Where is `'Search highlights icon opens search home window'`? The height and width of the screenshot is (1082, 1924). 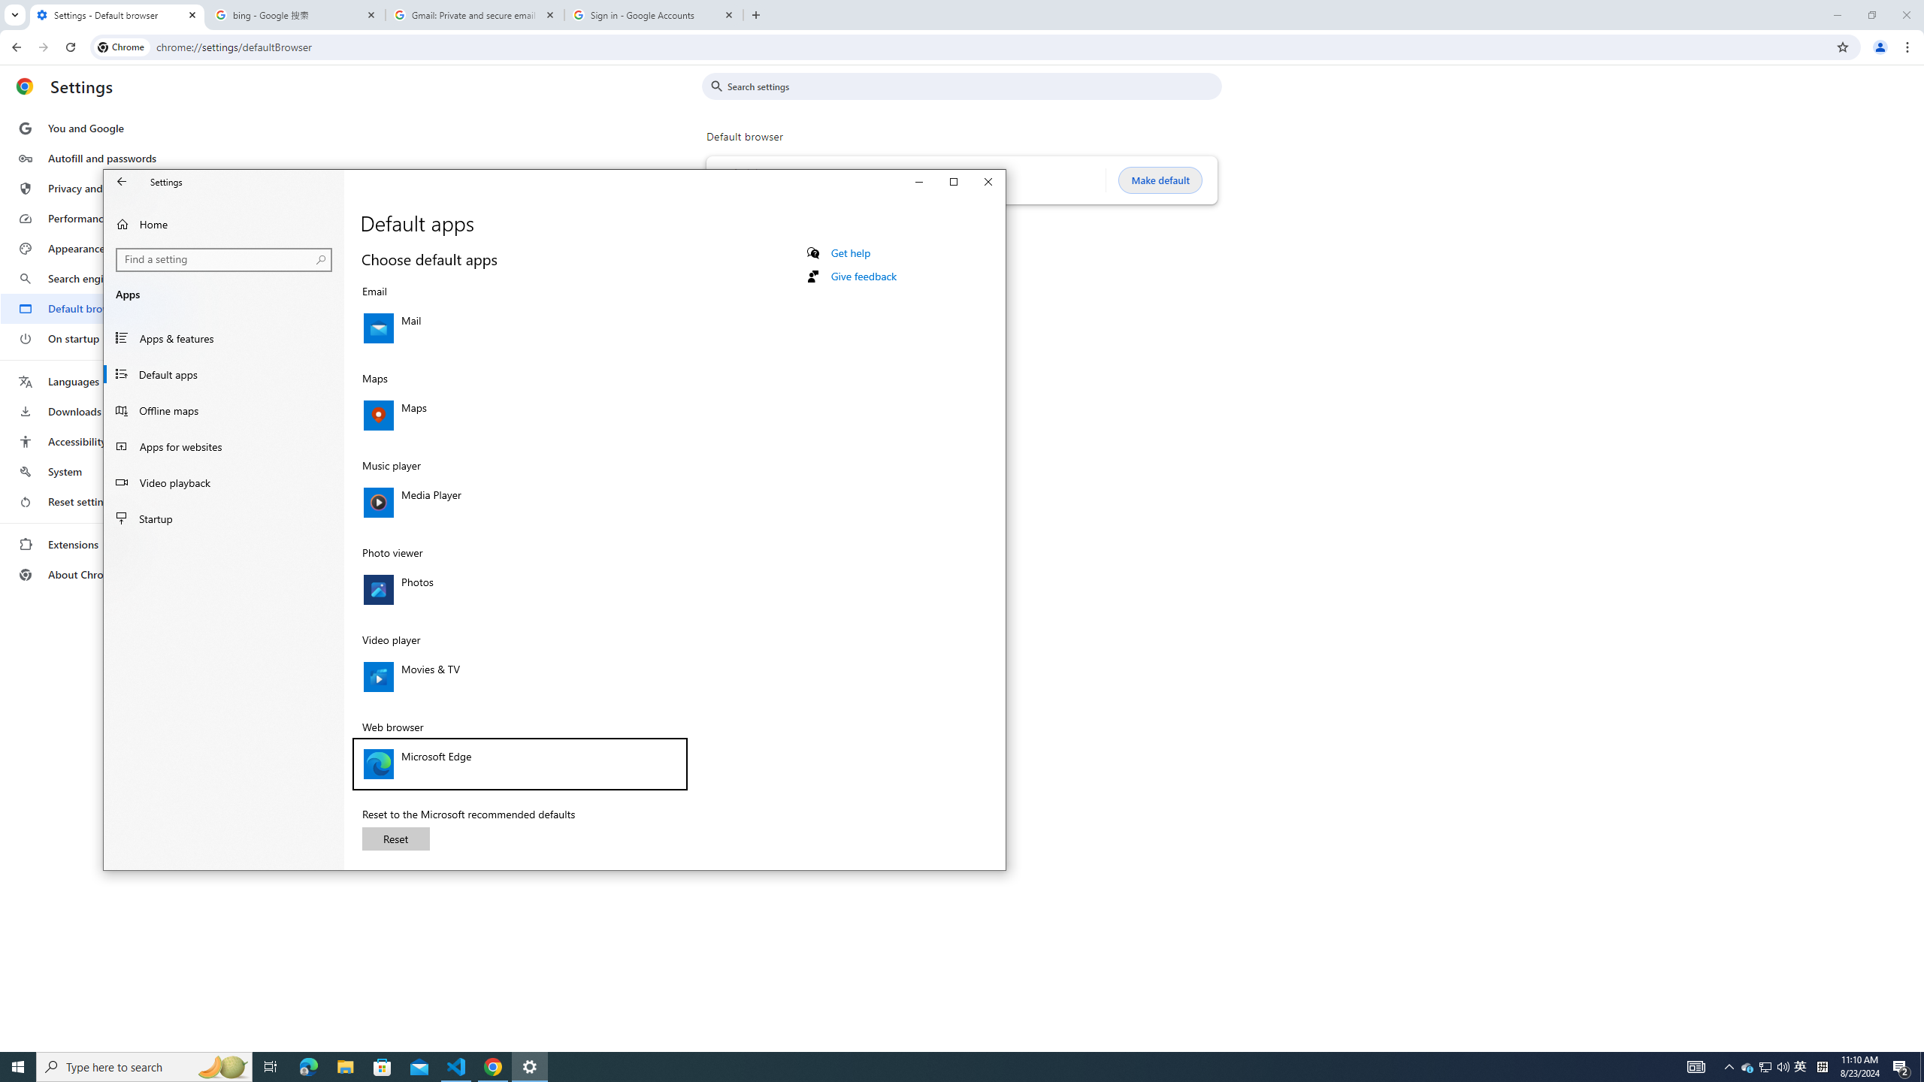
'Search highlights icon opens search home window' is located at coordinates (221, 1065).